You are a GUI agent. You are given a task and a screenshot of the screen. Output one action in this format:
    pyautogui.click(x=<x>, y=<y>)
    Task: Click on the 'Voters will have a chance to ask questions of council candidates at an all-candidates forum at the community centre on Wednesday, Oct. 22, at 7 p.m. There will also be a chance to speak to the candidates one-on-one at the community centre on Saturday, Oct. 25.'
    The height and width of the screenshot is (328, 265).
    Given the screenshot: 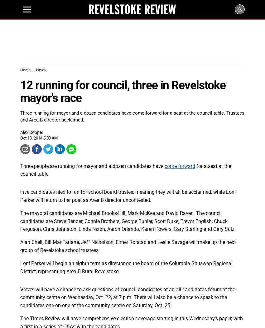 What is the action you would take?
    pyautogui.click(x=128, y=297)
    